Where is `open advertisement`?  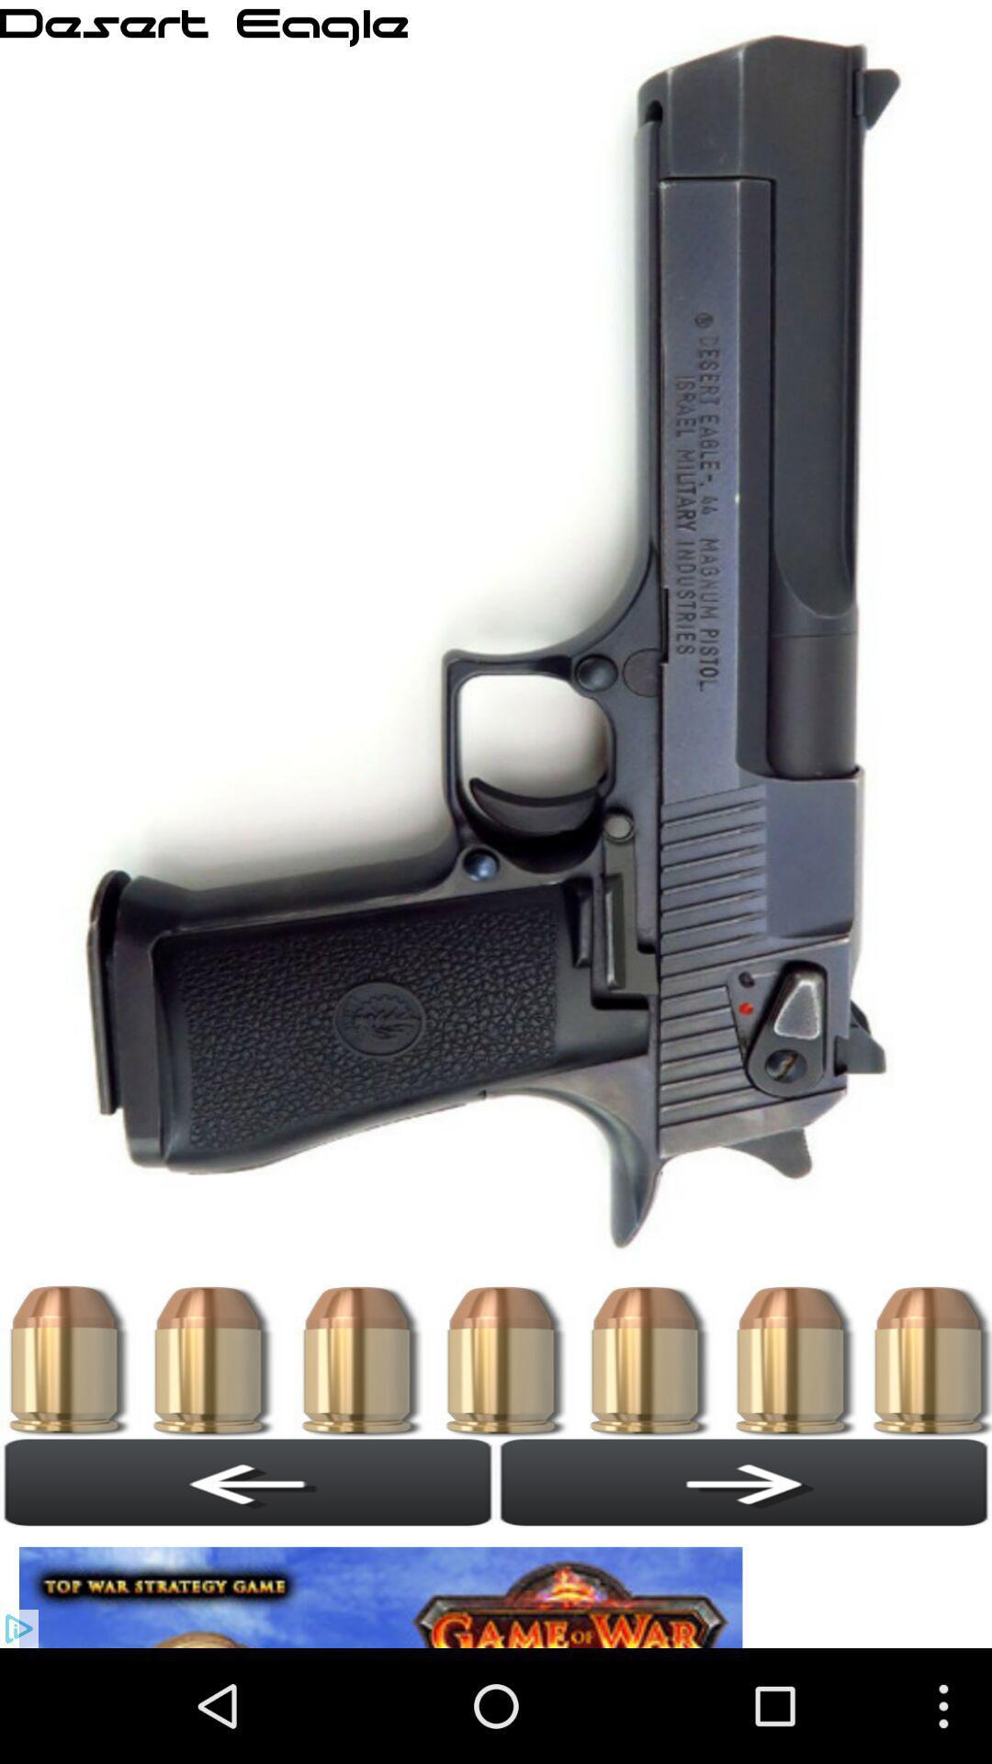 open advertisement is located at coordinates (385, 1587).